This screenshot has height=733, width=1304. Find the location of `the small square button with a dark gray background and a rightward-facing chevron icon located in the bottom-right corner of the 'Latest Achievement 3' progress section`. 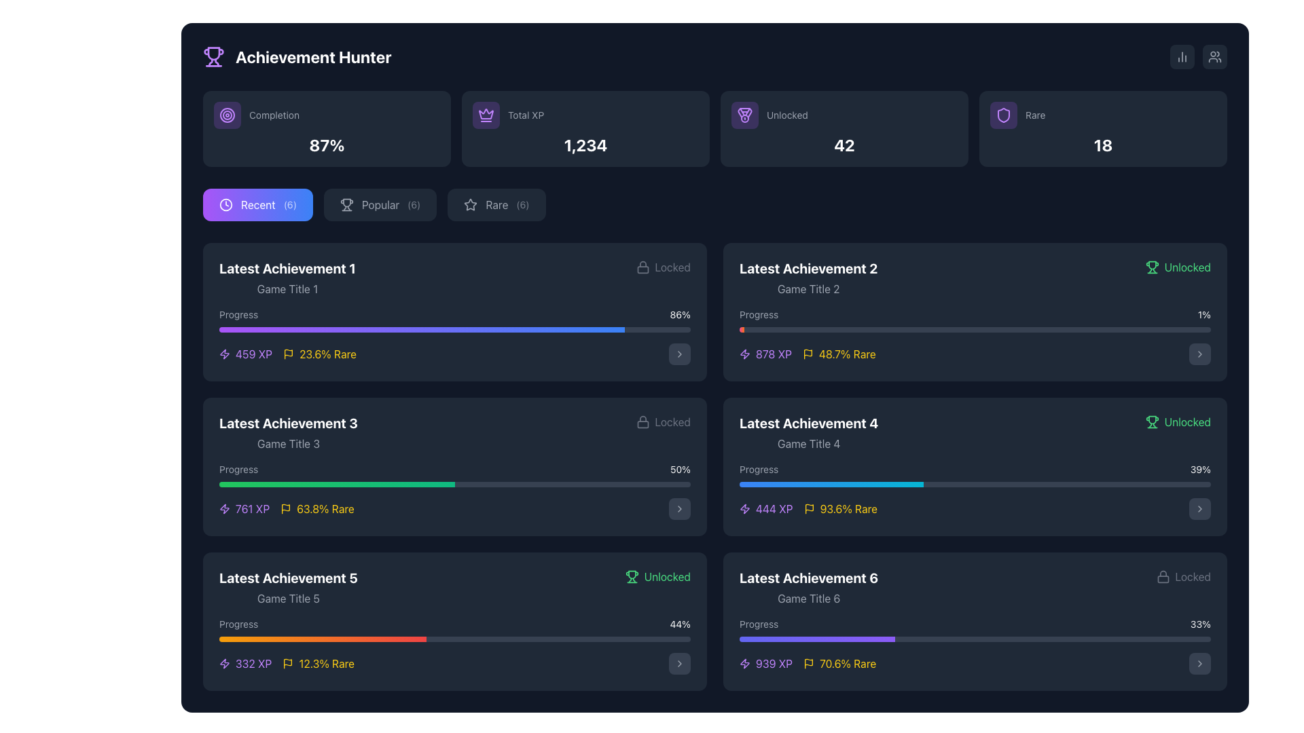

the small square button with a dark gray background and a rightward-facing chevron icon located in the bottom-right corner of the 'Latest Achievement 3' progress section is located at coordinates (680, 508).